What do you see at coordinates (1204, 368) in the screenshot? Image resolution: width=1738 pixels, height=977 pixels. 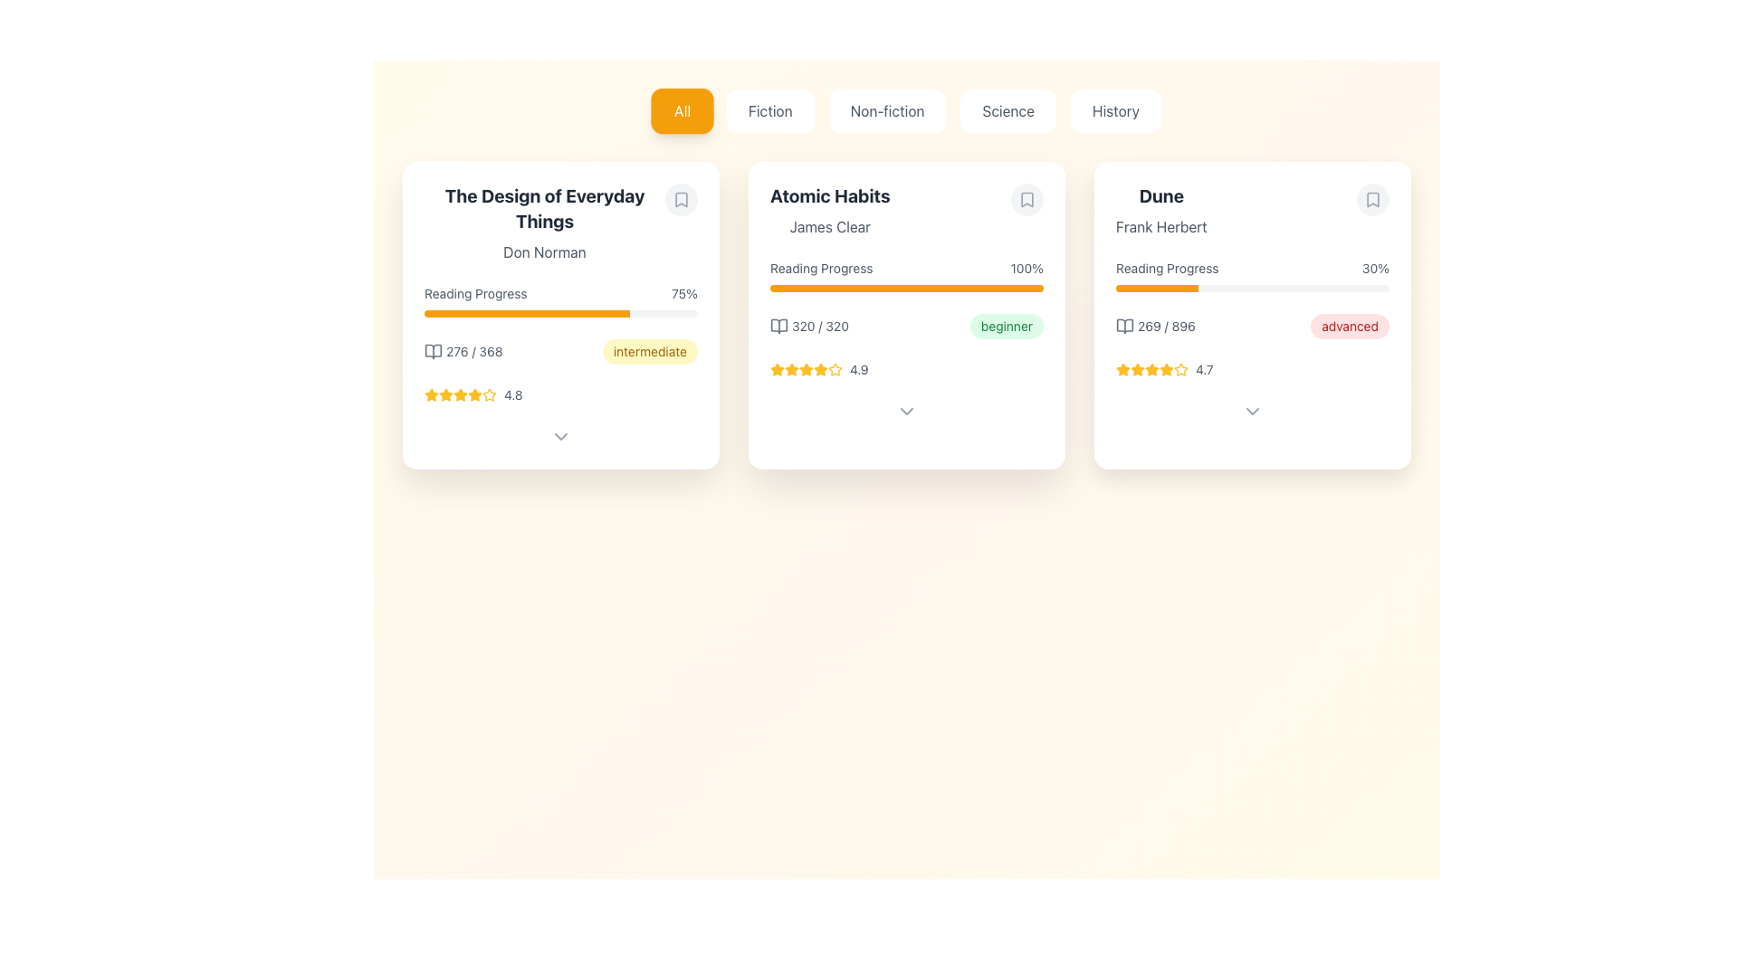 I see `the text label displaying the numerical rating value for the 'Dune' card, located at the bottom of the card in the rightmost column, immediately to the right of the star ratings row` at bounding box center [1204, 368].